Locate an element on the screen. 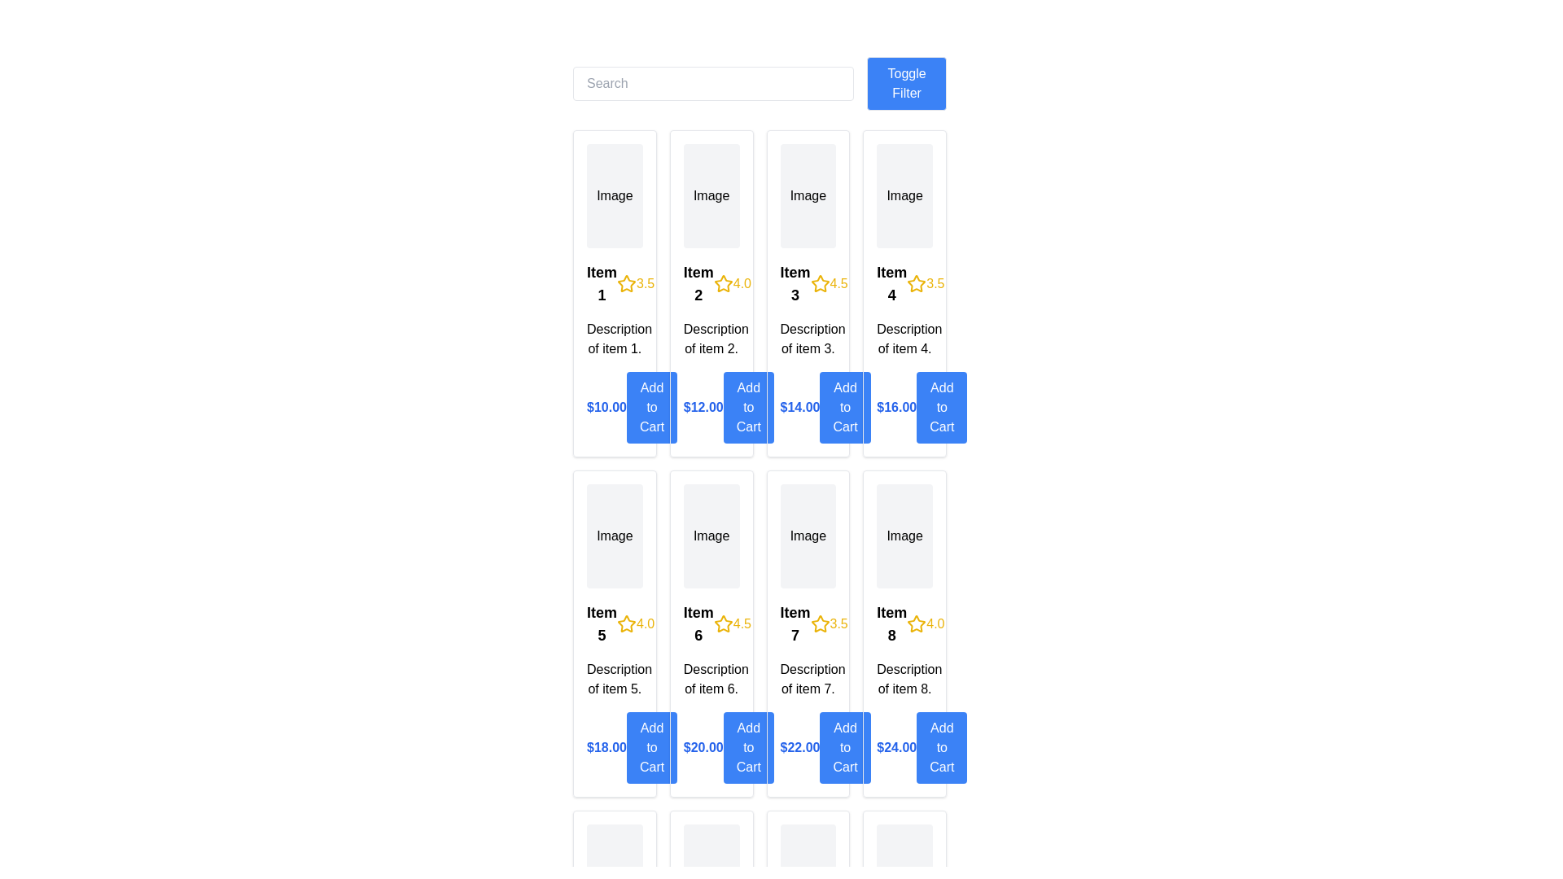 The height and width of the screenshot is (879, 1563). the text label displaying 'Description of item 5.' located within the item card for 'Item 5', positioned below the title and rating details is located at coordinates (614, 679).